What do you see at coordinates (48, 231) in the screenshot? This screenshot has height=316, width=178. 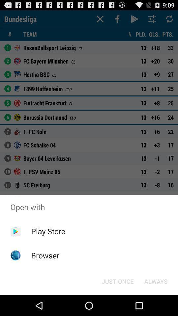 I see `the icon above browser item` at bounding box center [48, 231].